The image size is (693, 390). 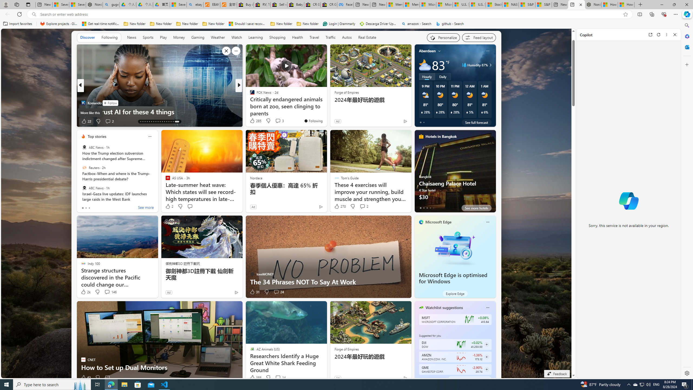 I want to click on 'Travel', so click(x=314, y=37).